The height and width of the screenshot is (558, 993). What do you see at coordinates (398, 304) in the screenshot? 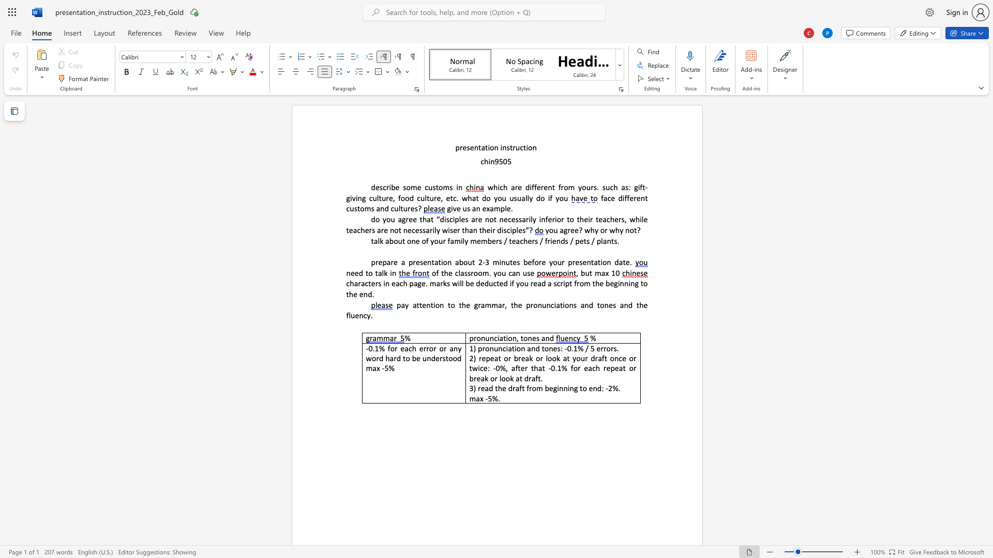
I see `the 1th character "p" in the text` at bounding box center [398, 304].